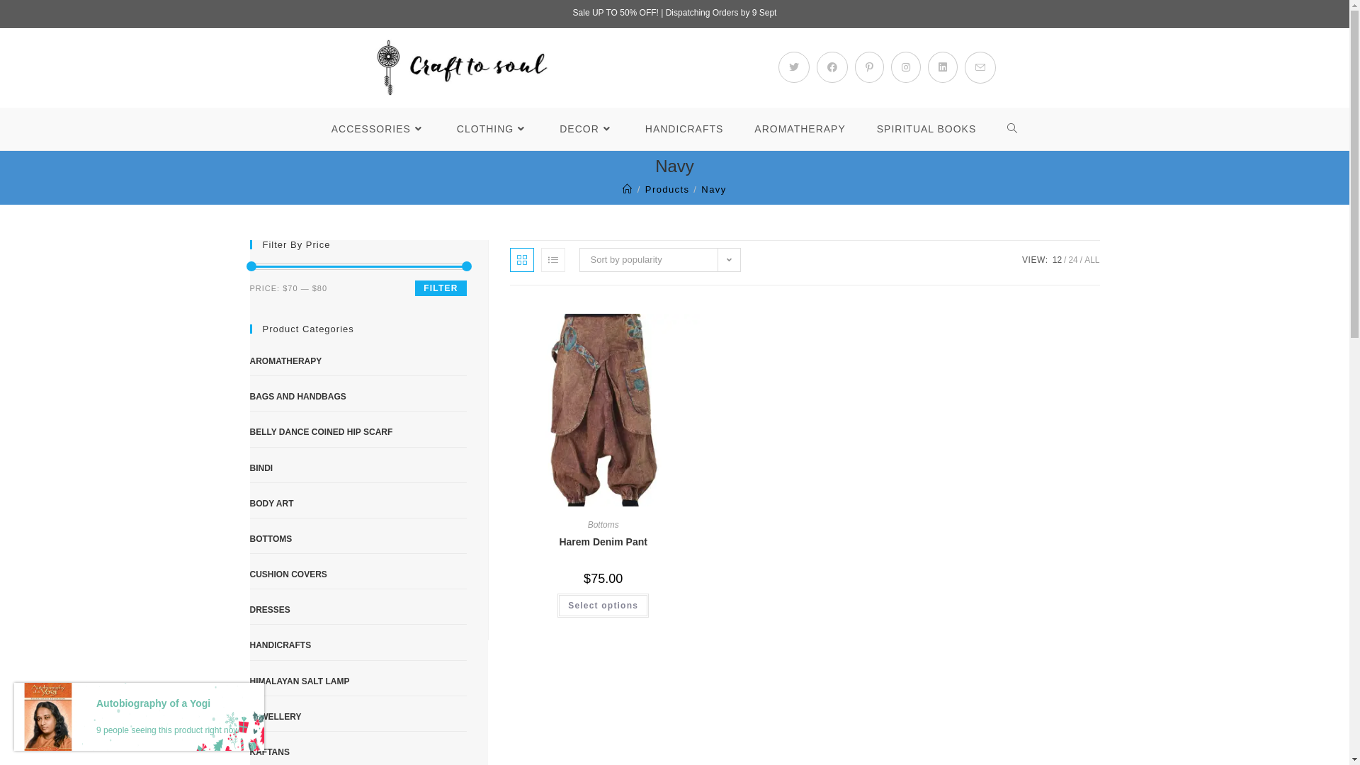 This screenshot has height=765, width=1360. Describe the element at coordinates (603, 606) in the screenshot. I see `'Select options'` at that location.